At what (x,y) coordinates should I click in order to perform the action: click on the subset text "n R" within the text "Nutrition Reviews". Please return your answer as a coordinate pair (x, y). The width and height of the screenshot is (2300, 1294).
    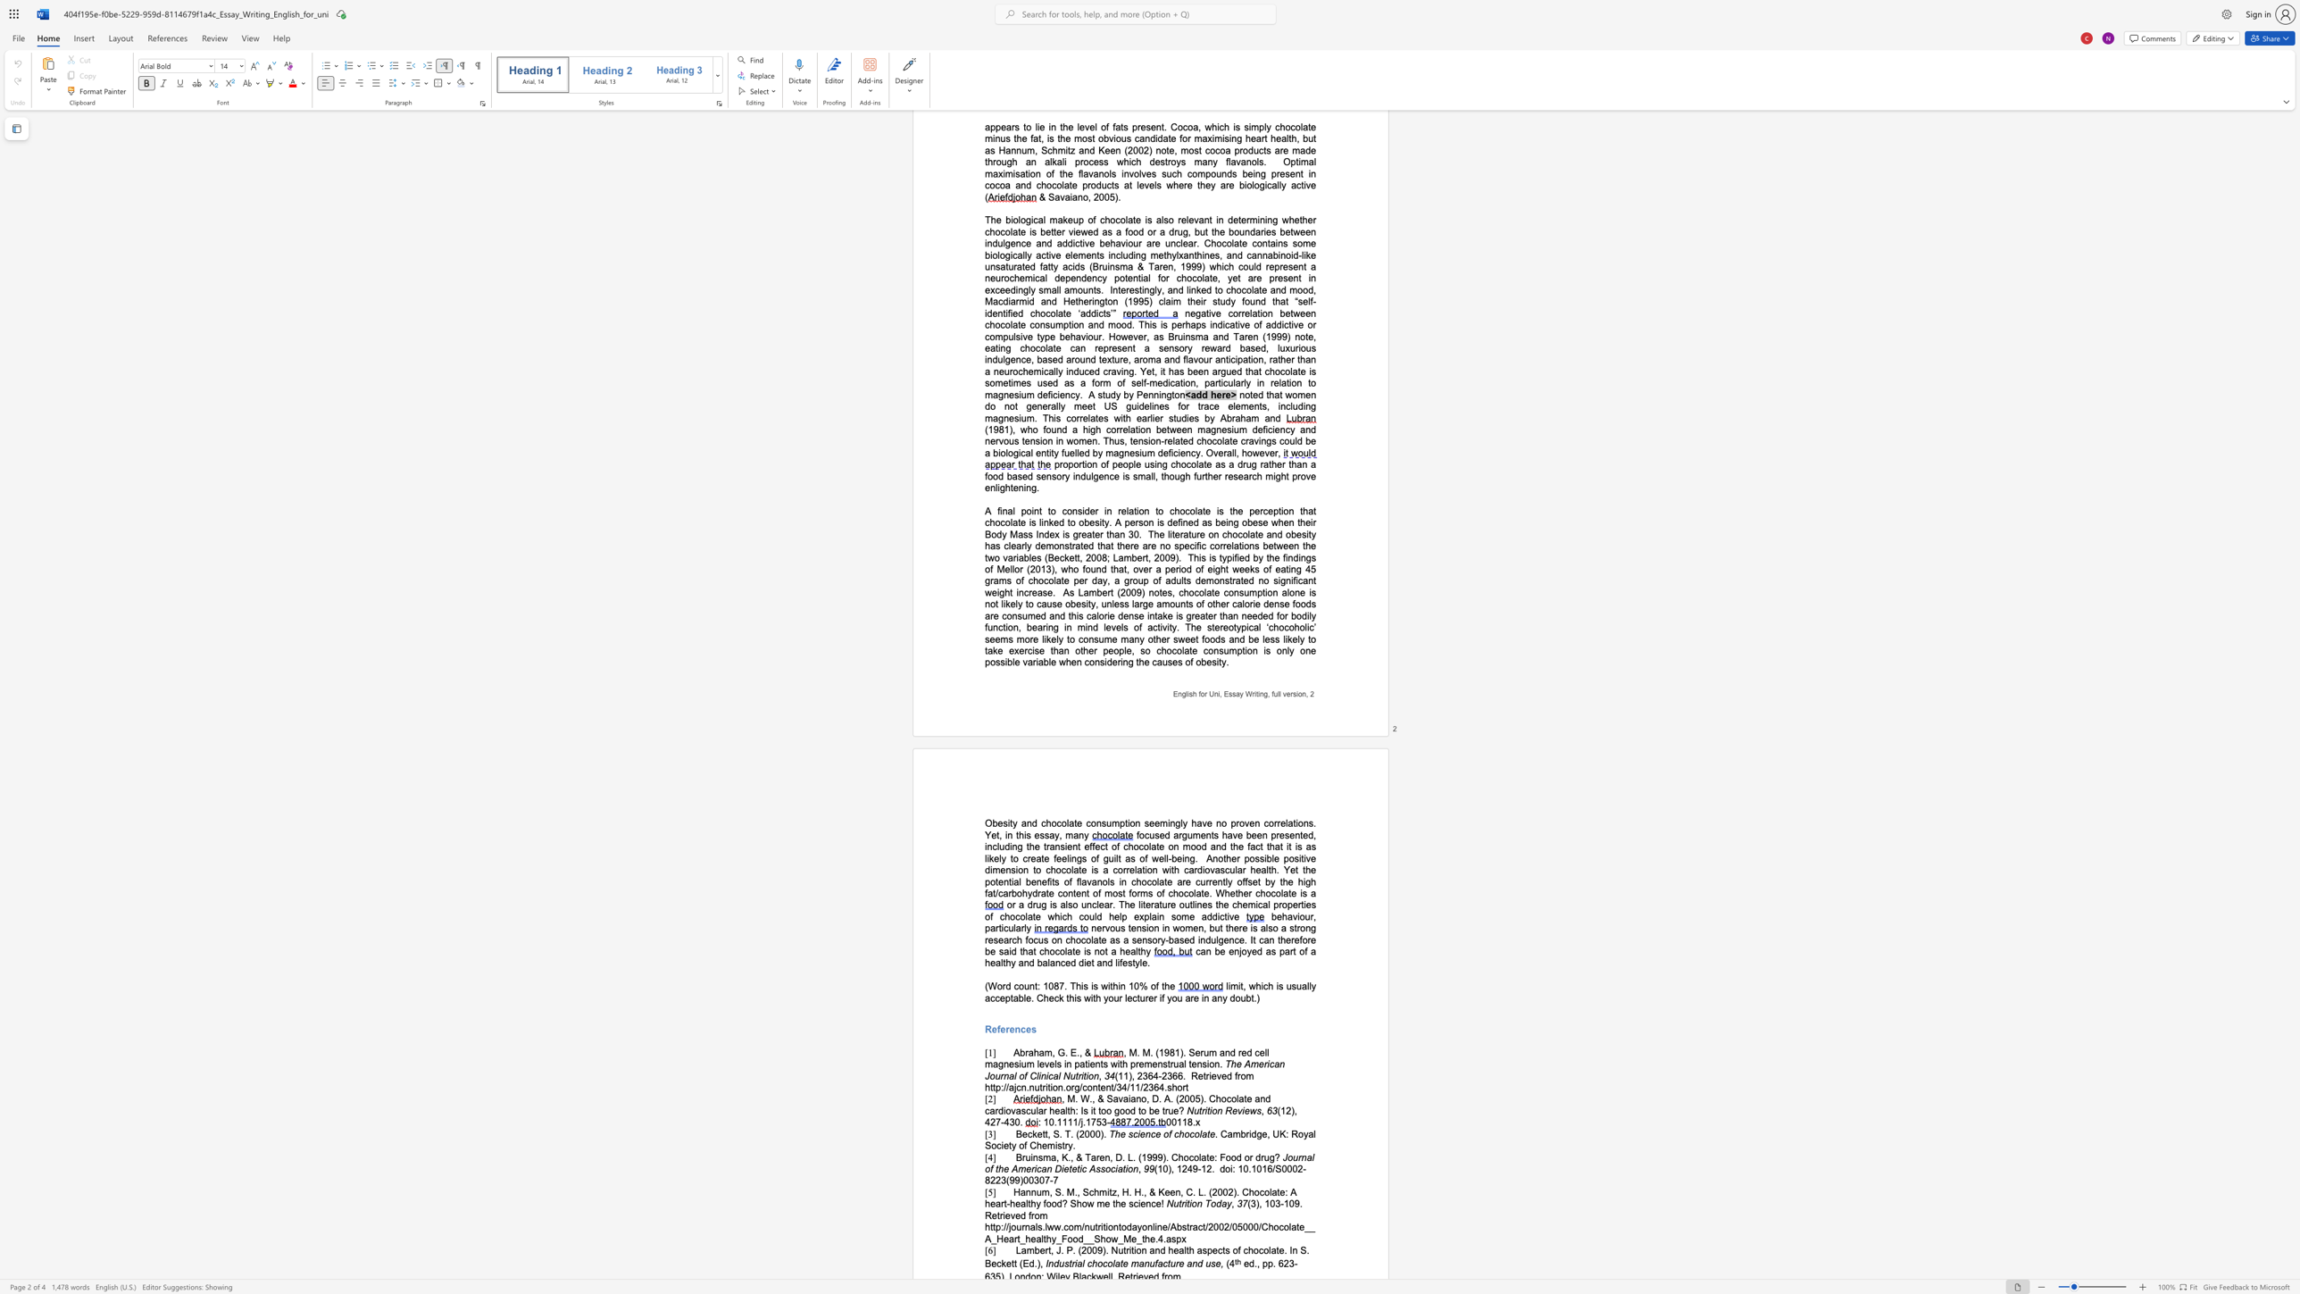
    Looking at the image, I should click on (1216, 1110).